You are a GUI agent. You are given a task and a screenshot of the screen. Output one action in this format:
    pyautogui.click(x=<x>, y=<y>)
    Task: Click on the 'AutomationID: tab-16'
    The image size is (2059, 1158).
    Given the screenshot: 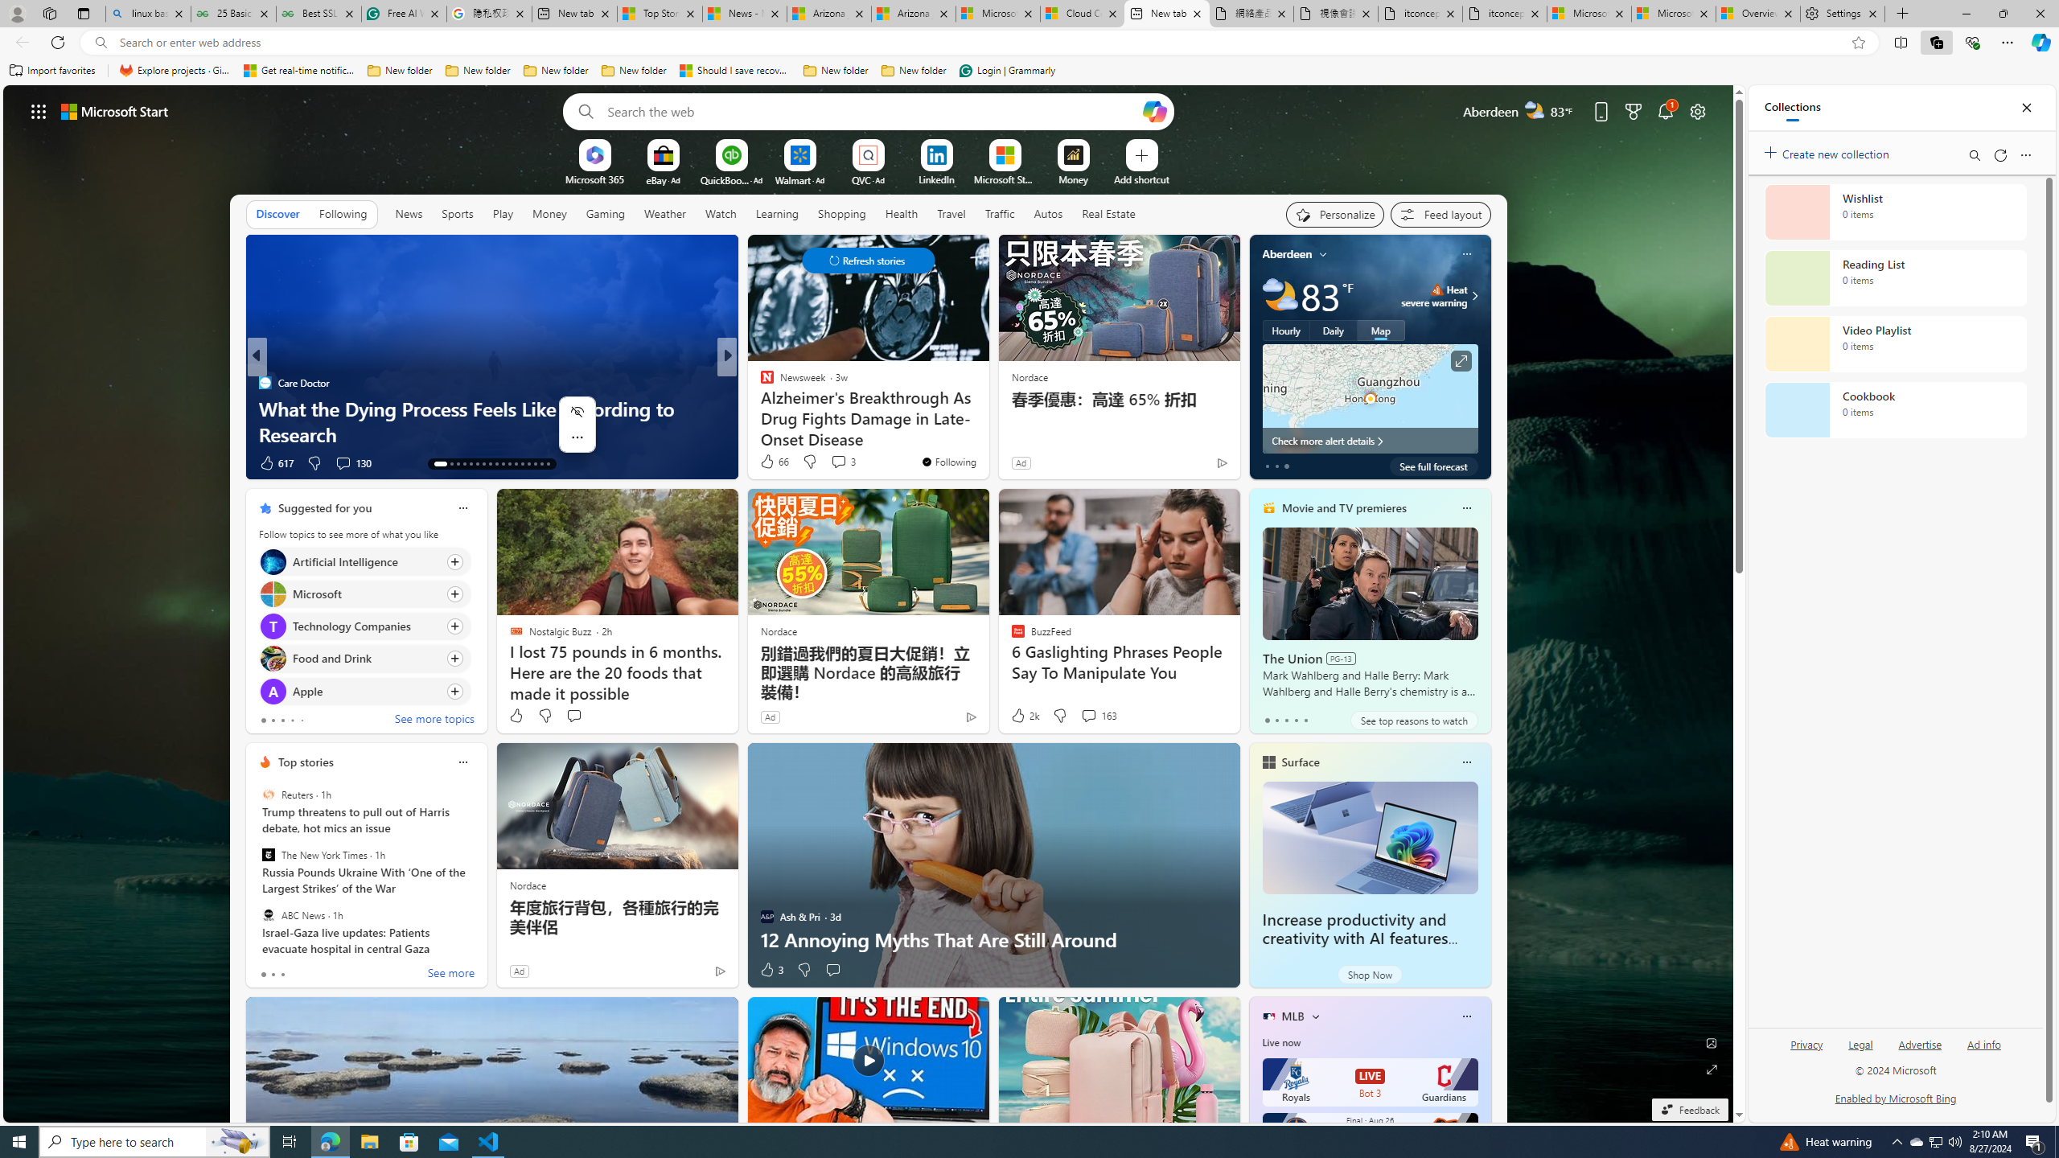 What is the action you would take?
    pyautogui.click(x=463, y=464)
    